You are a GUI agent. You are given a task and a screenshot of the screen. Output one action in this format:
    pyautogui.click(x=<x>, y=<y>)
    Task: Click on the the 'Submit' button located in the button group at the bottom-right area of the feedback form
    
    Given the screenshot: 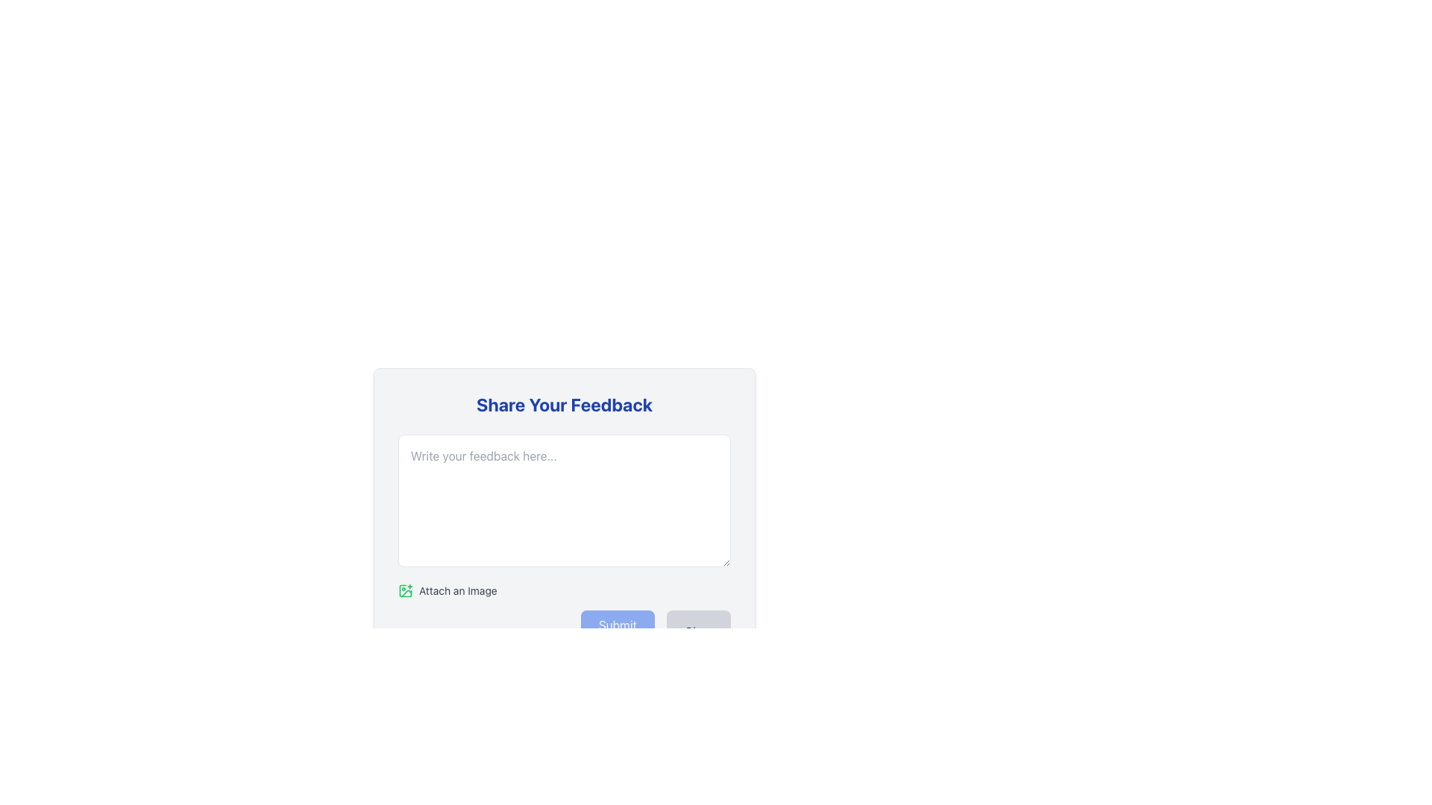 What is the action you would take?
    pyautogui.click(x=564, y=632)
    